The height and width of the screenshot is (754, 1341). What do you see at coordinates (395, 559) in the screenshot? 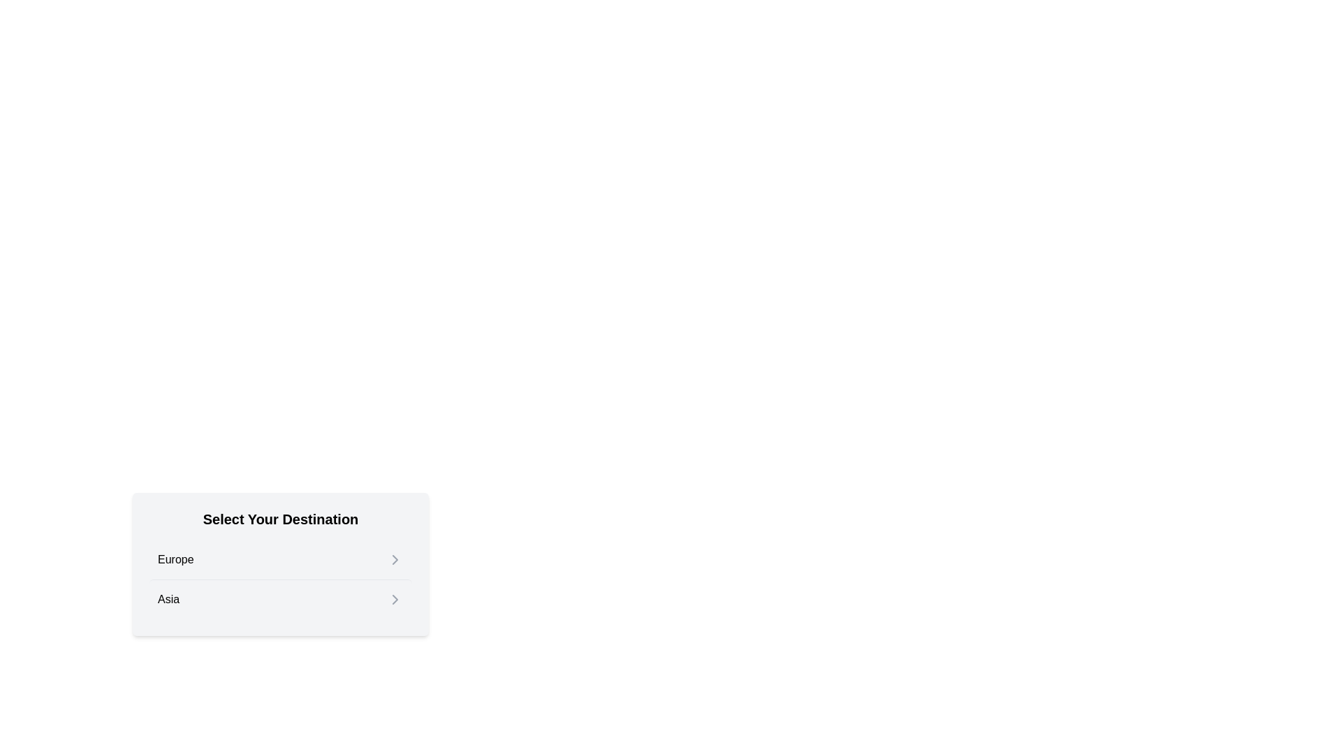
I see `the chevron button at the end of the 'Europe' row` at bounding box center [395, 559].